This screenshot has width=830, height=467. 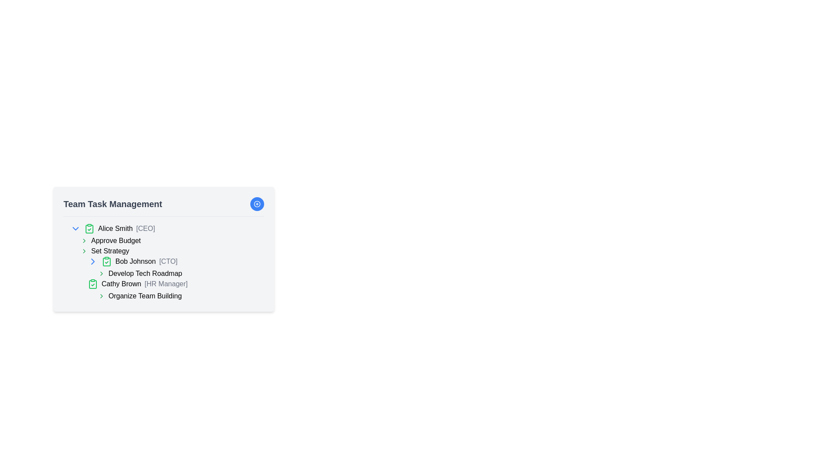 What do you see at coordinates (102, 296) in the screenshot?
I see `the expansion icon located to the left of the text 'Organize Team Building'` at bounding box center [102, 296].